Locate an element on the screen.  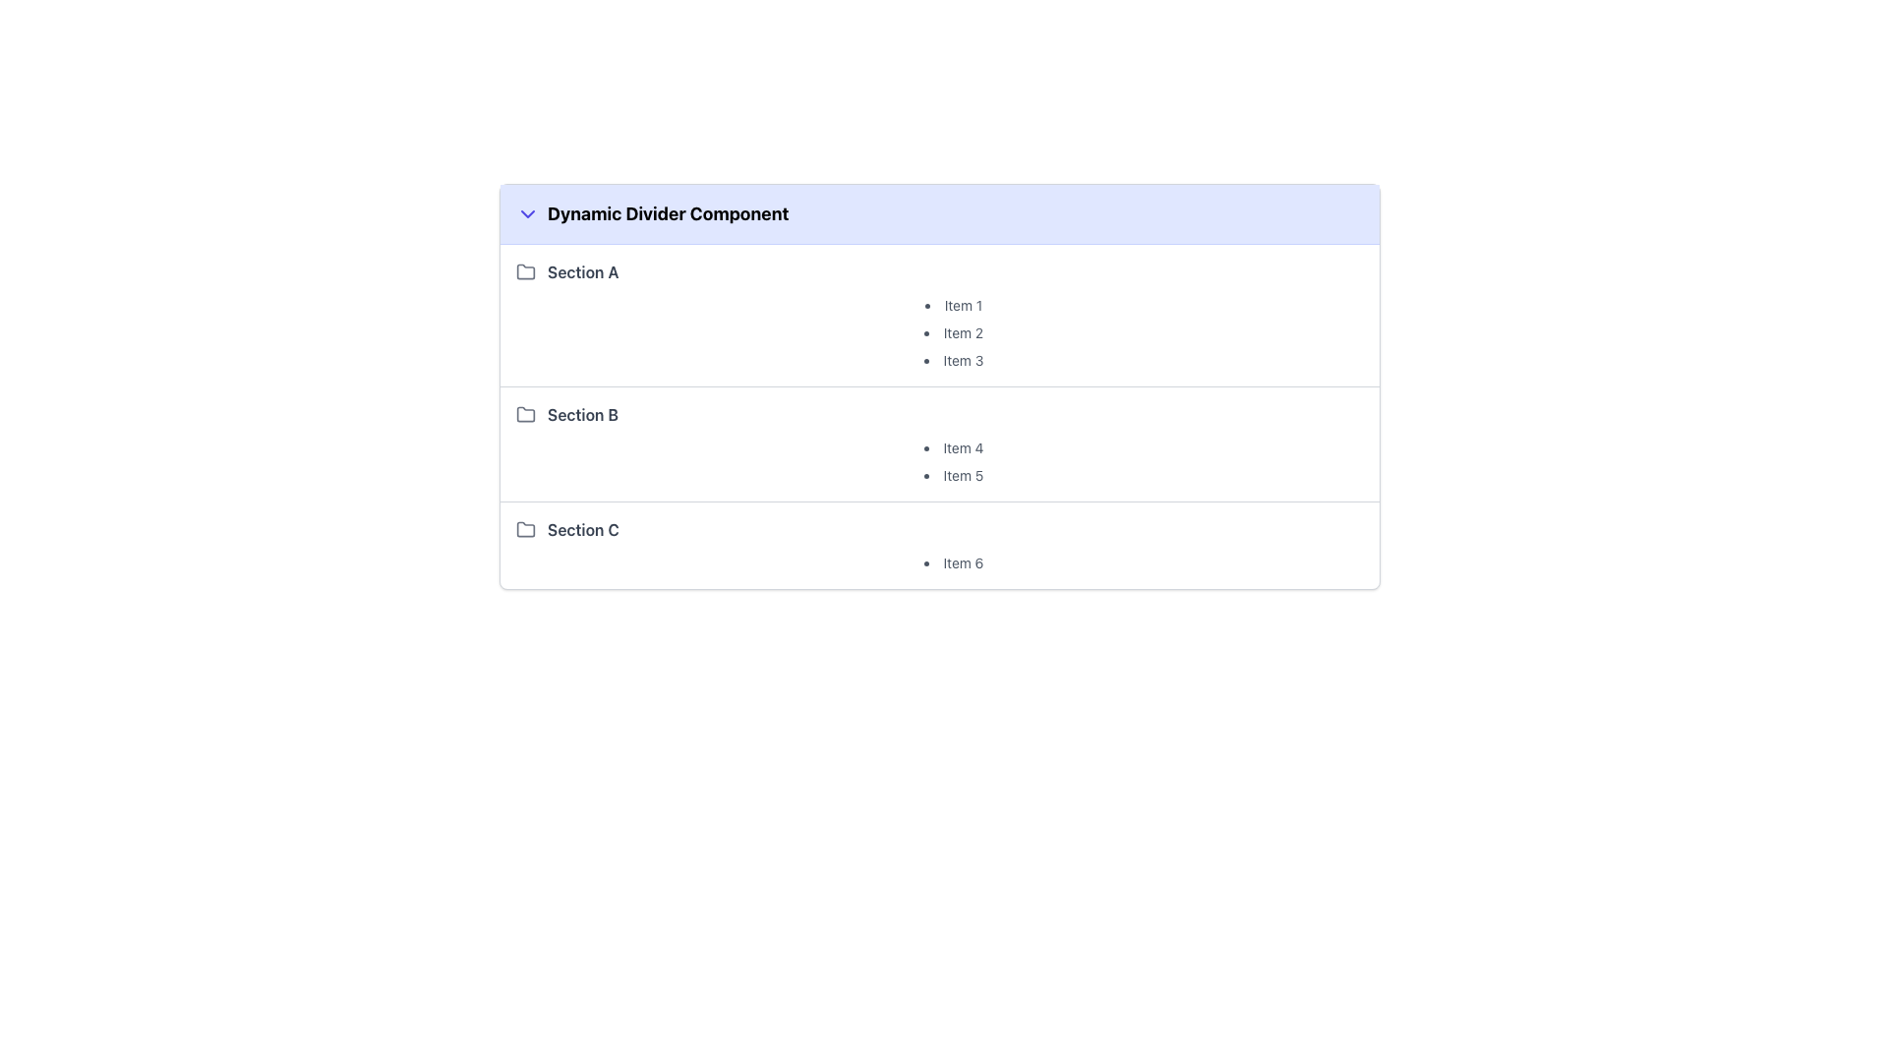
the folder icon next to the label 'Section B' in the second row of the 'Dynamic Divider Component' is located at coordinates (525, 412).